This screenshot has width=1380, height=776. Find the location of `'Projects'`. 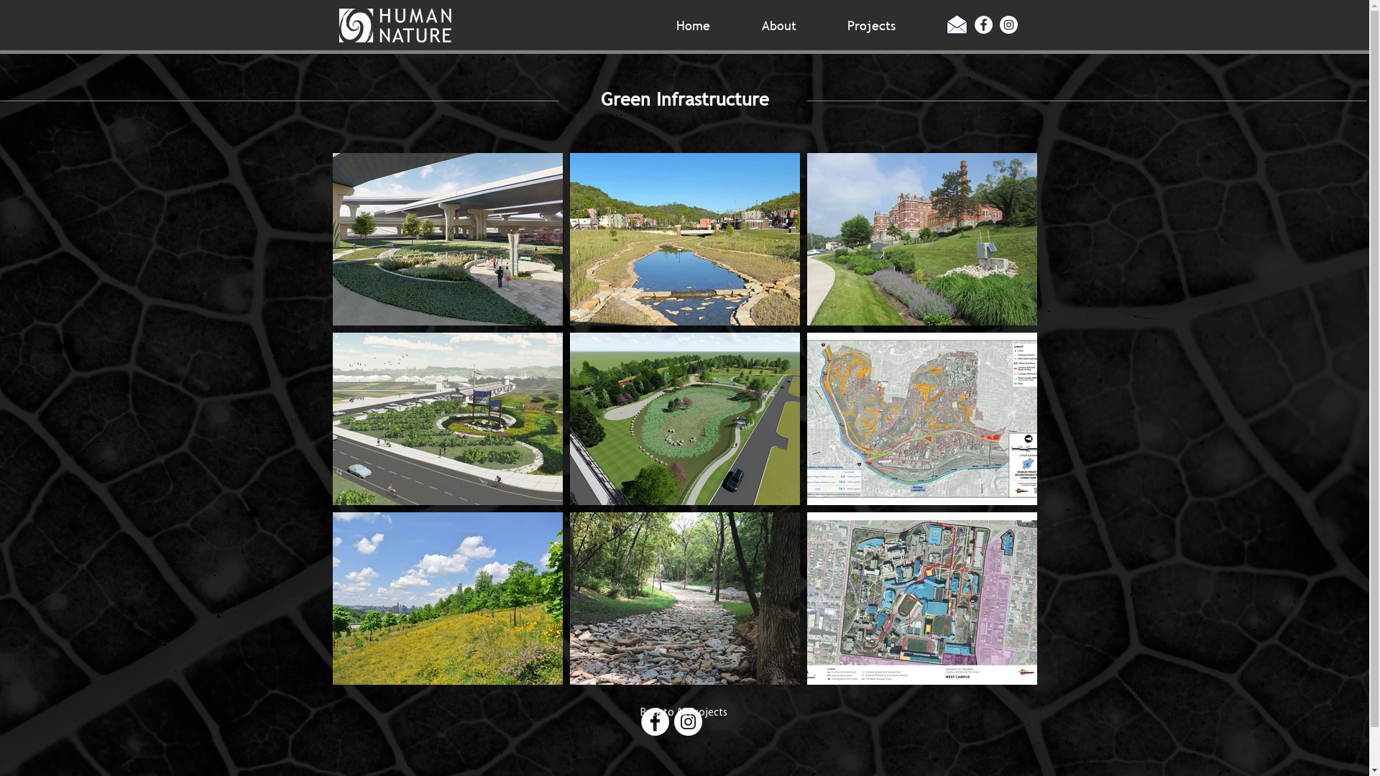

'Projects' is located at coordinates (885, 24).